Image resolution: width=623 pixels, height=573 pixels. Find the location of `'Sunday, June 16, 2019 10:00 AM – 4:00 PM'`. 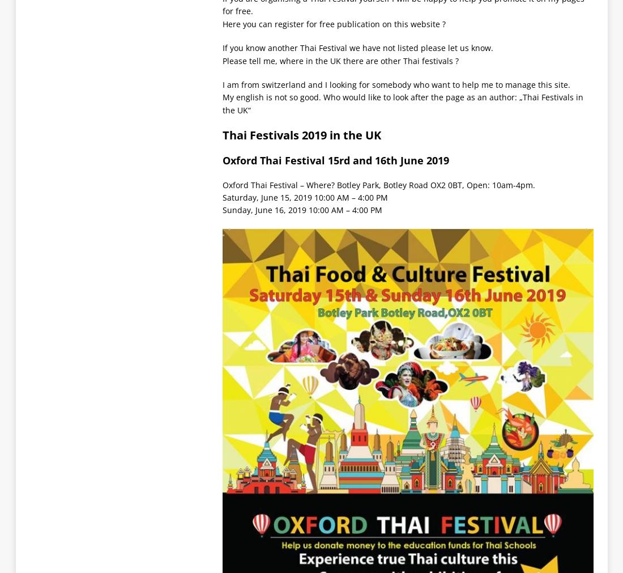

'Sunday, June 16, 2019 10:00 AM – 4:00 PM' is located at coordinates (301, 209).